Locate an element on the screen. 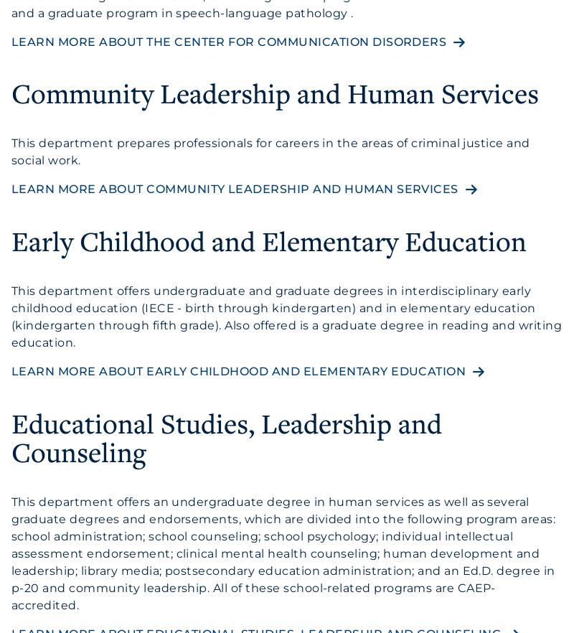 This screenshot has height=633, width=574. 'This department offers undergraduate and graduate degrees in interdisciplinary early
                  childhood education (IECE - birth through kindergarten) and in elementary education
                  (kindergarten through fifth grade). Also offered is a graduate degree in reading and
                  writing education.' is located at coordinates (11, 316).